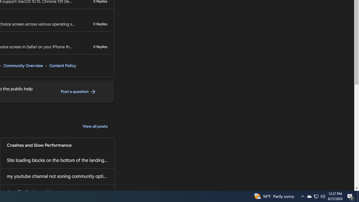 This screenshot has width=359, height=202. I want to click on 'Content Policy', so click(63, 65).